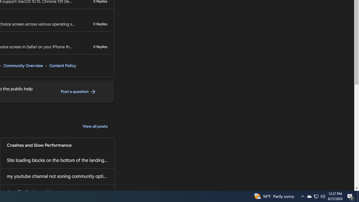 This screenshot has width=359, height=202. I want to click on 'Content Policy', so click(63, 65).